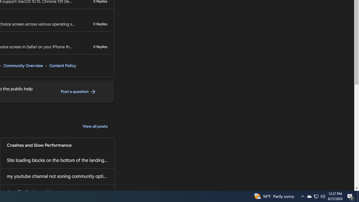 This screenshot has width=359, height=202. I want to click on 'Content Policy', so click(63, 65).